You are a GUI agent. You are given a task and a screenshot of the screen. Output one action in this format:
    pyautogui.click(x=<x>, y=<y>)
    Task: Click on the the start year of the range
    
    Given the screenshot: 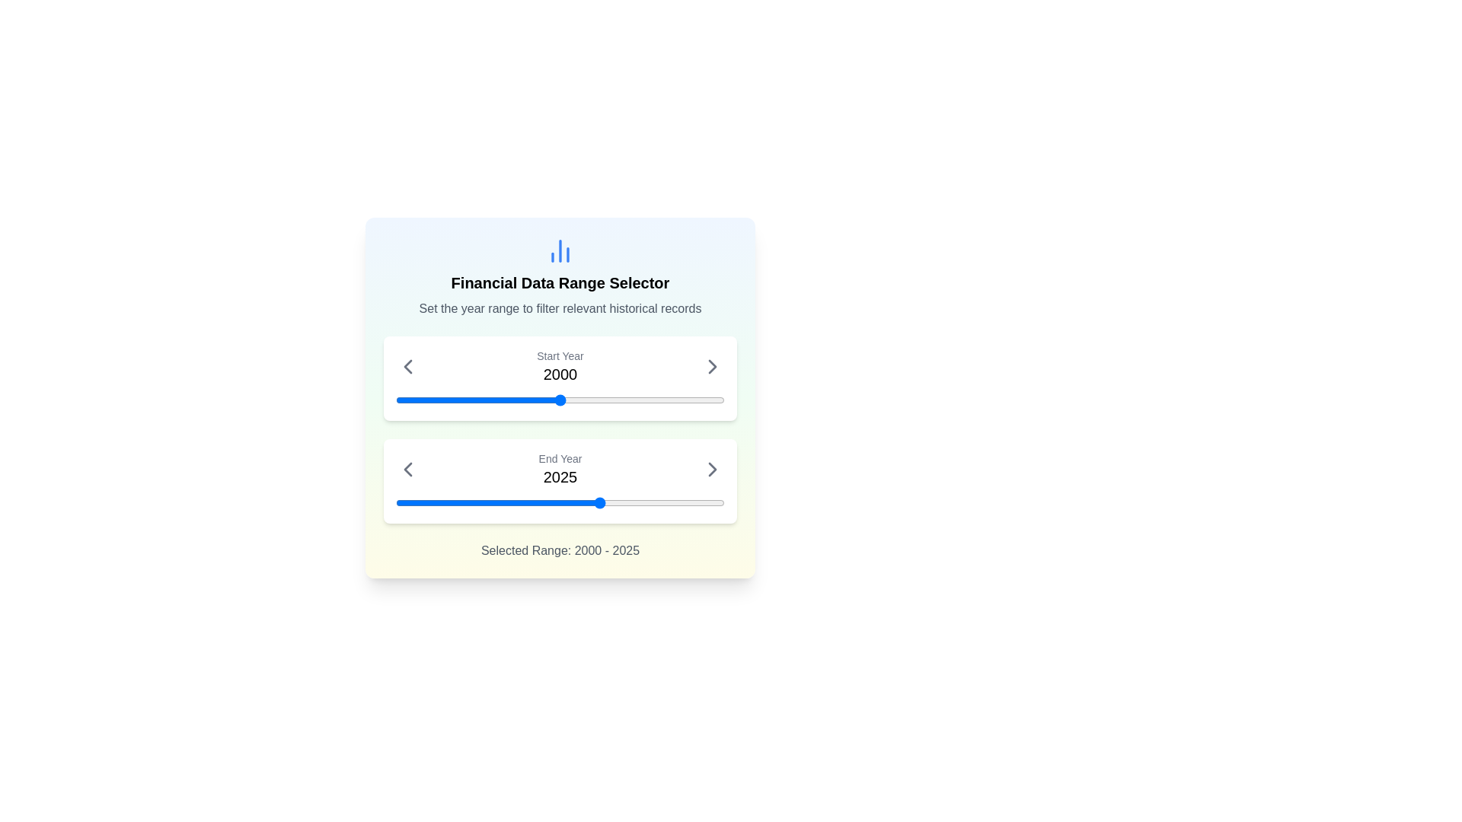 What is the action you would take?
    pyautogui.click(x=704, y=399)
    